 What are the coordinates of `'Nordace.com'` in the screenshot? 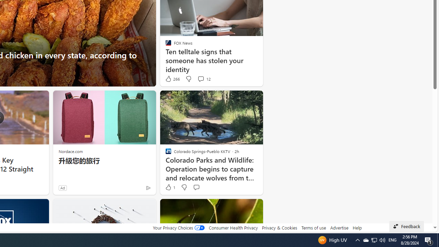 It's located at (71, 151).